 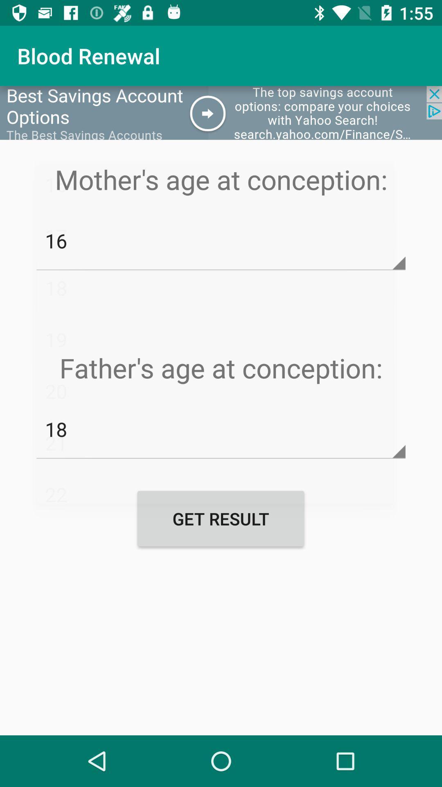 I want to click on the icon below blood renewal app, so click(x=221, y=112).